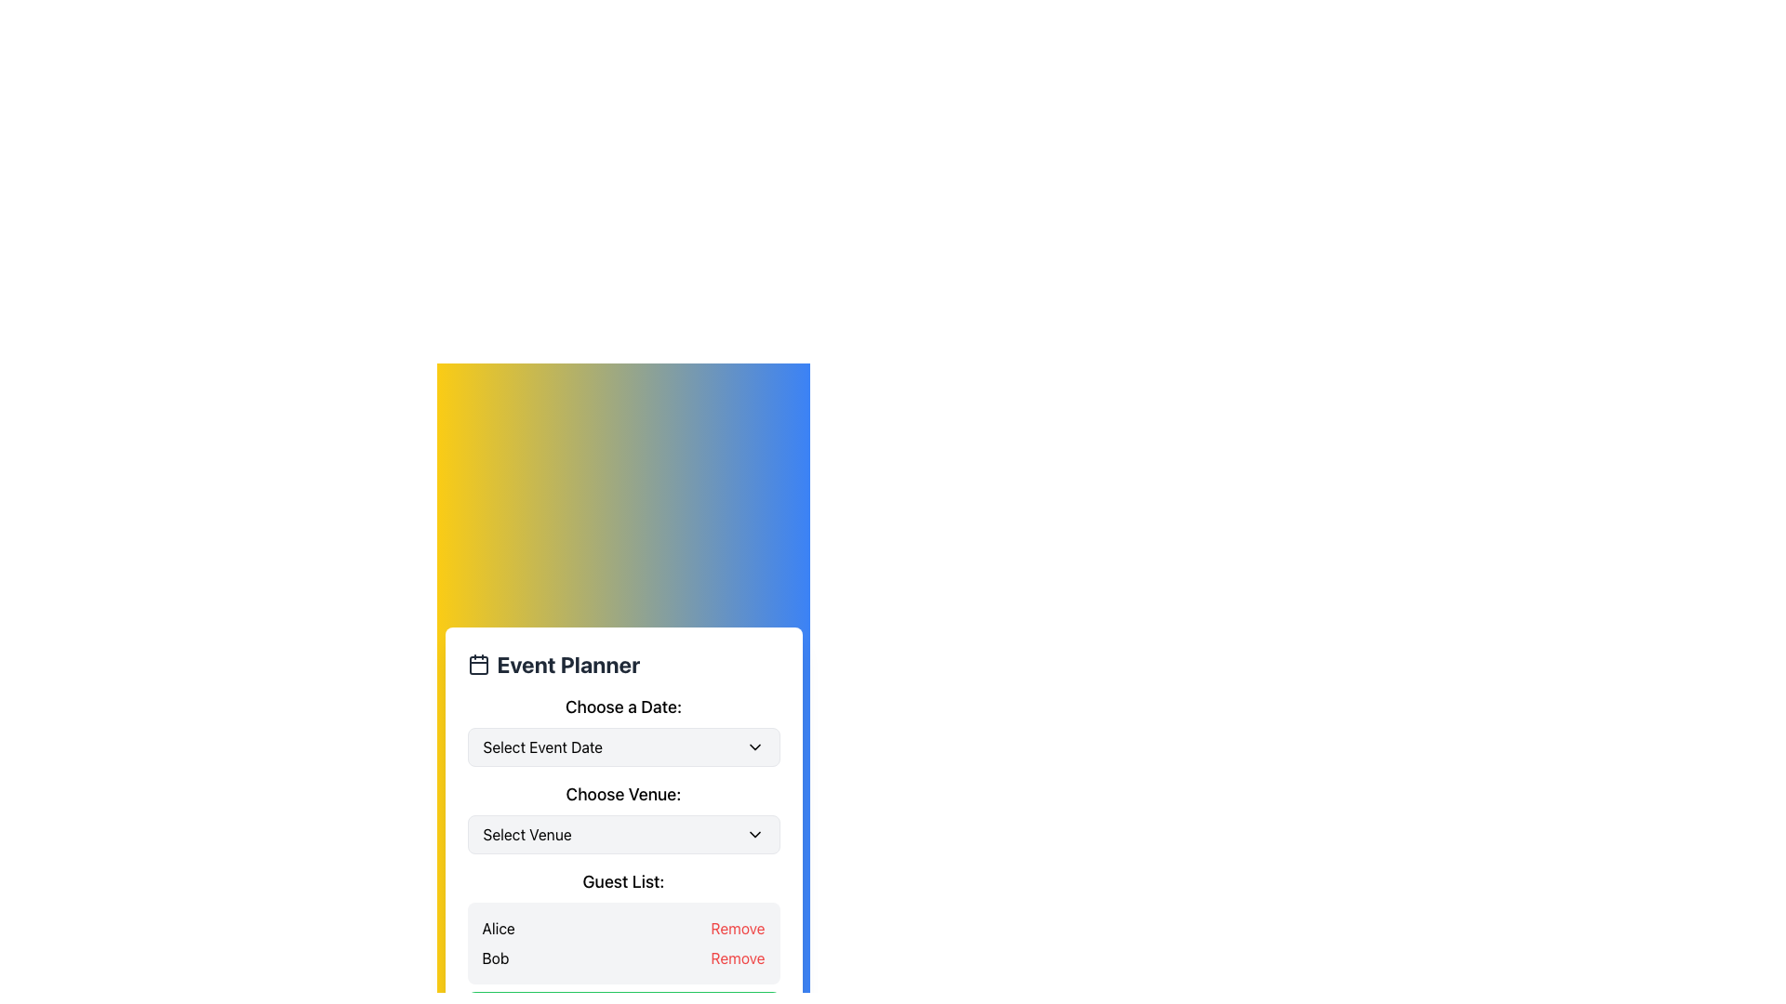 The width and height of the screenshot is (1786, 1004). What do you see at coordinates (623, 746) in the screenshot?
I see `the dropdown menu button labeled 'Select Event Date'` at bounding box center [623, 746].